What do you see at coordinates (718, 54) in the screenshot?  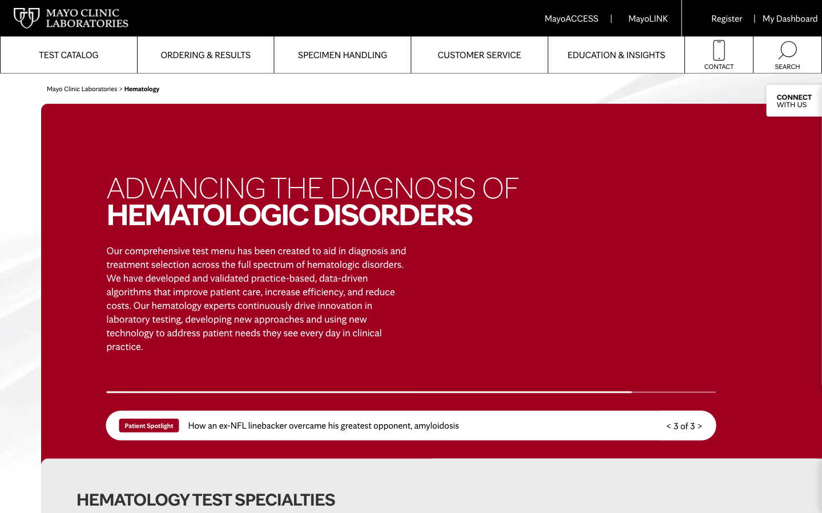 I see `Contact mayoclinic laboratories` at bounding box center [718, 54].